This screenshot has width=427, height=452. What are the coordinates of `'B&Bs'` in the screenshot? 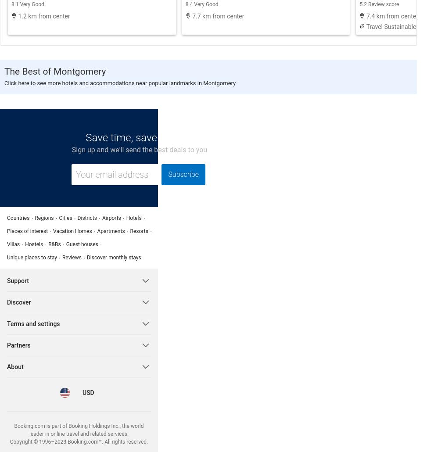 It's located at (54, 244).